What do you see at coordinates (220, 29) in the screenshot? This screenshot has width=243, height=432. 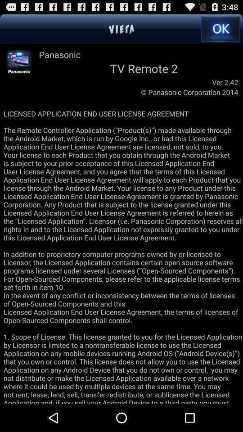 I see `accept to move on` at bounding box center [220, 29].